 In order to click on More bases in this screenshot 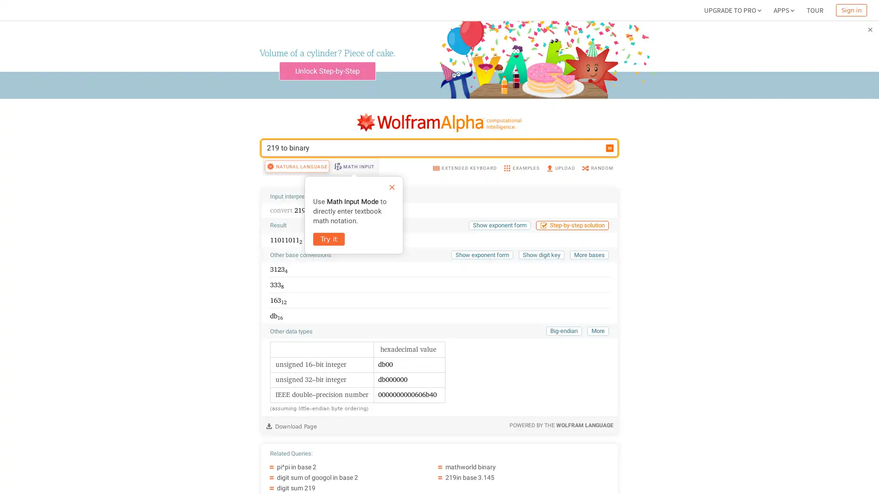, I will do `click(589, 272)`.